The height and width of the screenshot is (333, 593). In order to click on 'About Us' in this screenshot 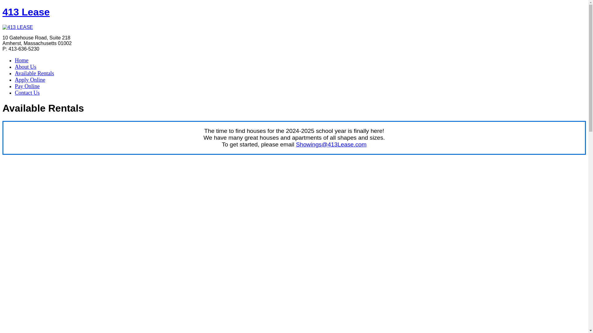, I will do `click(25, 67)`.